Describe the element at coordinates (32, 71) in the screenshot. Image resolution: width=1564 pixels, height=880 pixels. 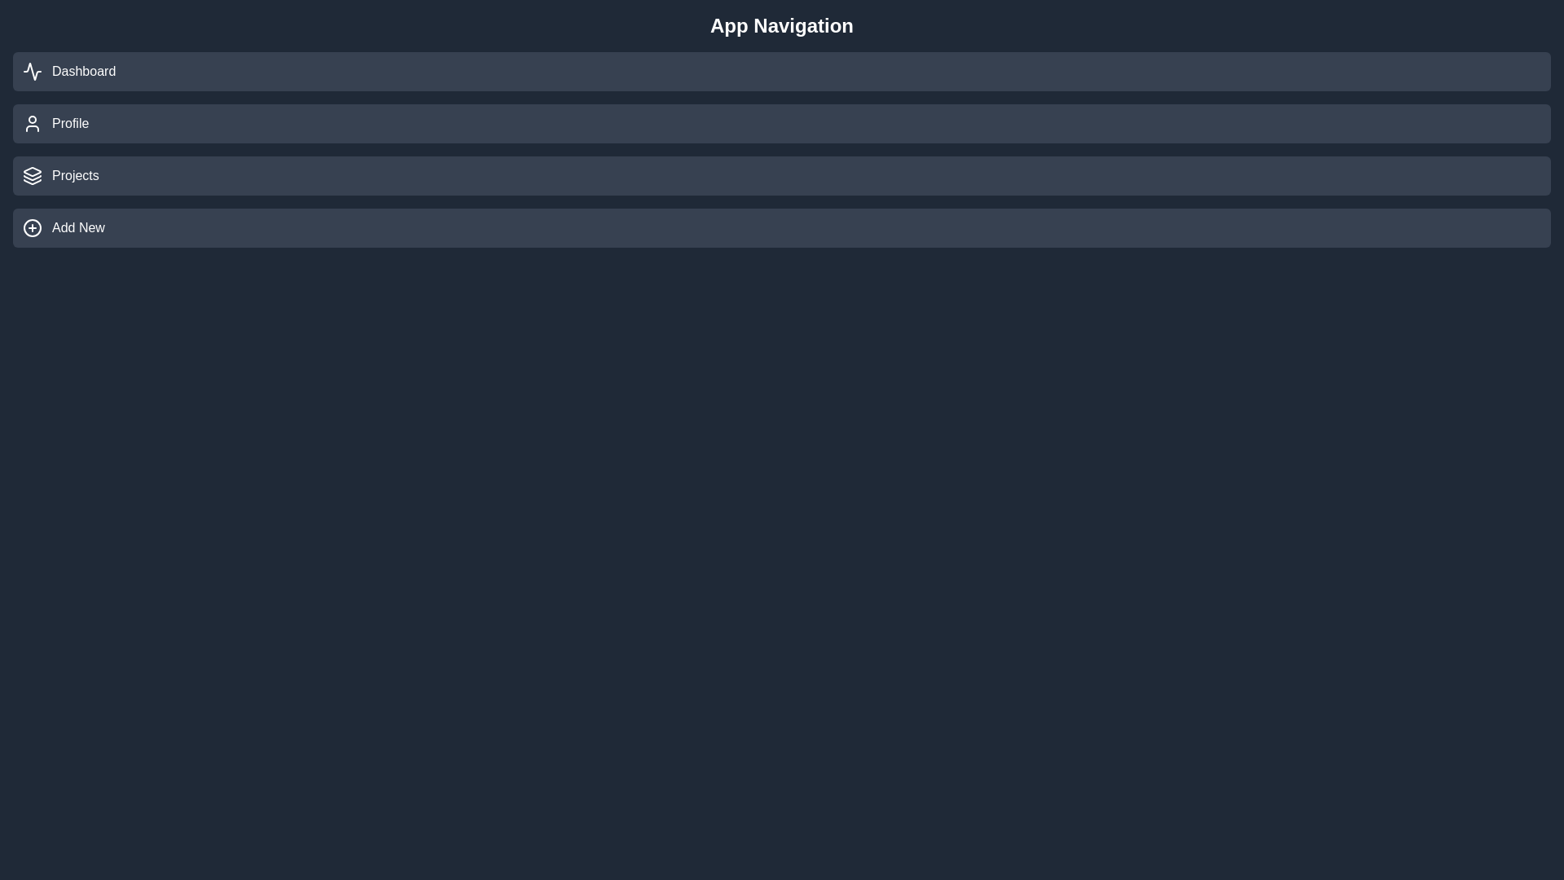
I see `the SVG-based icon representing the 'Dashboard' navigation item` at that location.